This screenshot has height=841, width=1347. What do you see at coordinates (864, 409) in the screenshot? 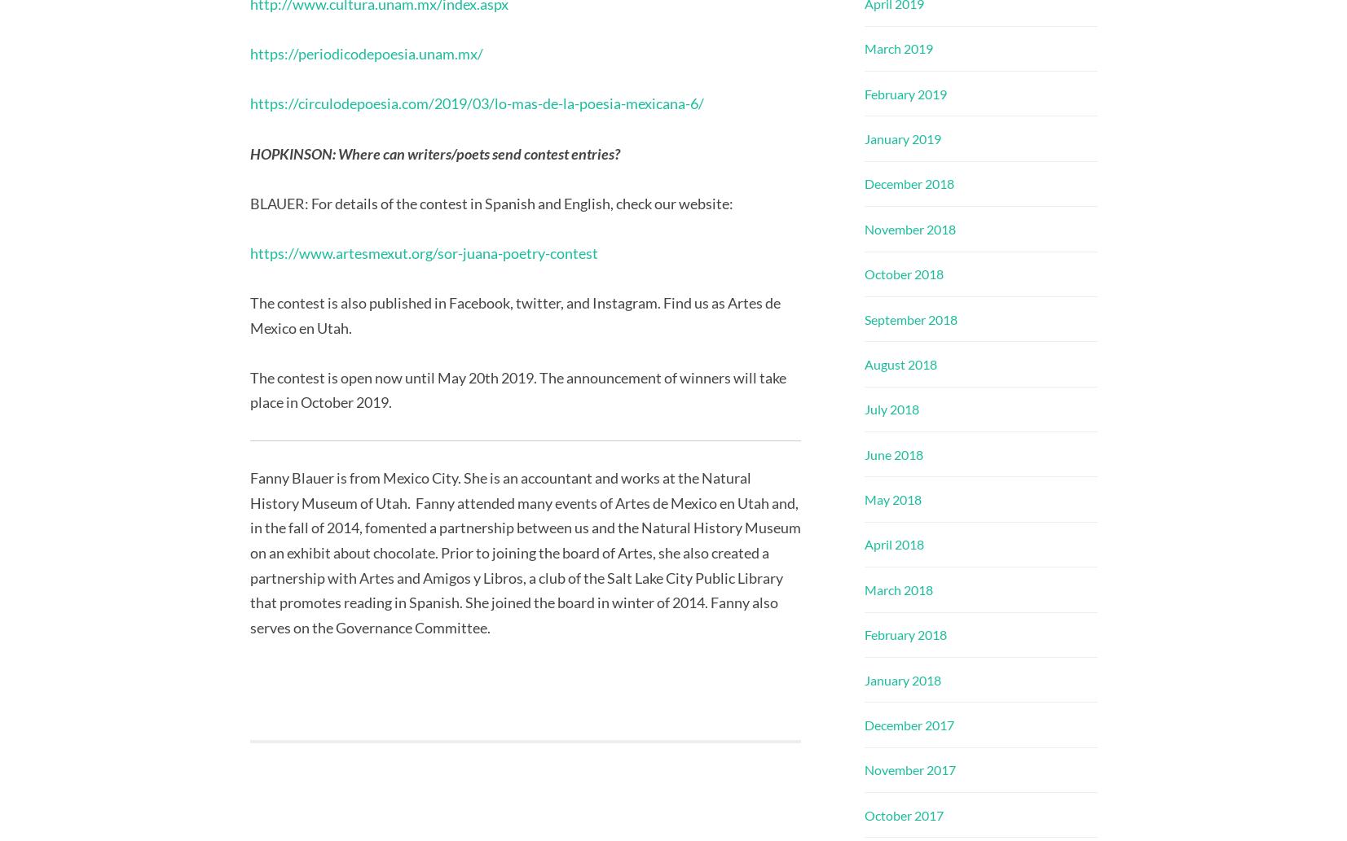
I see `'July 2018'` at bounding box center [864, 409].